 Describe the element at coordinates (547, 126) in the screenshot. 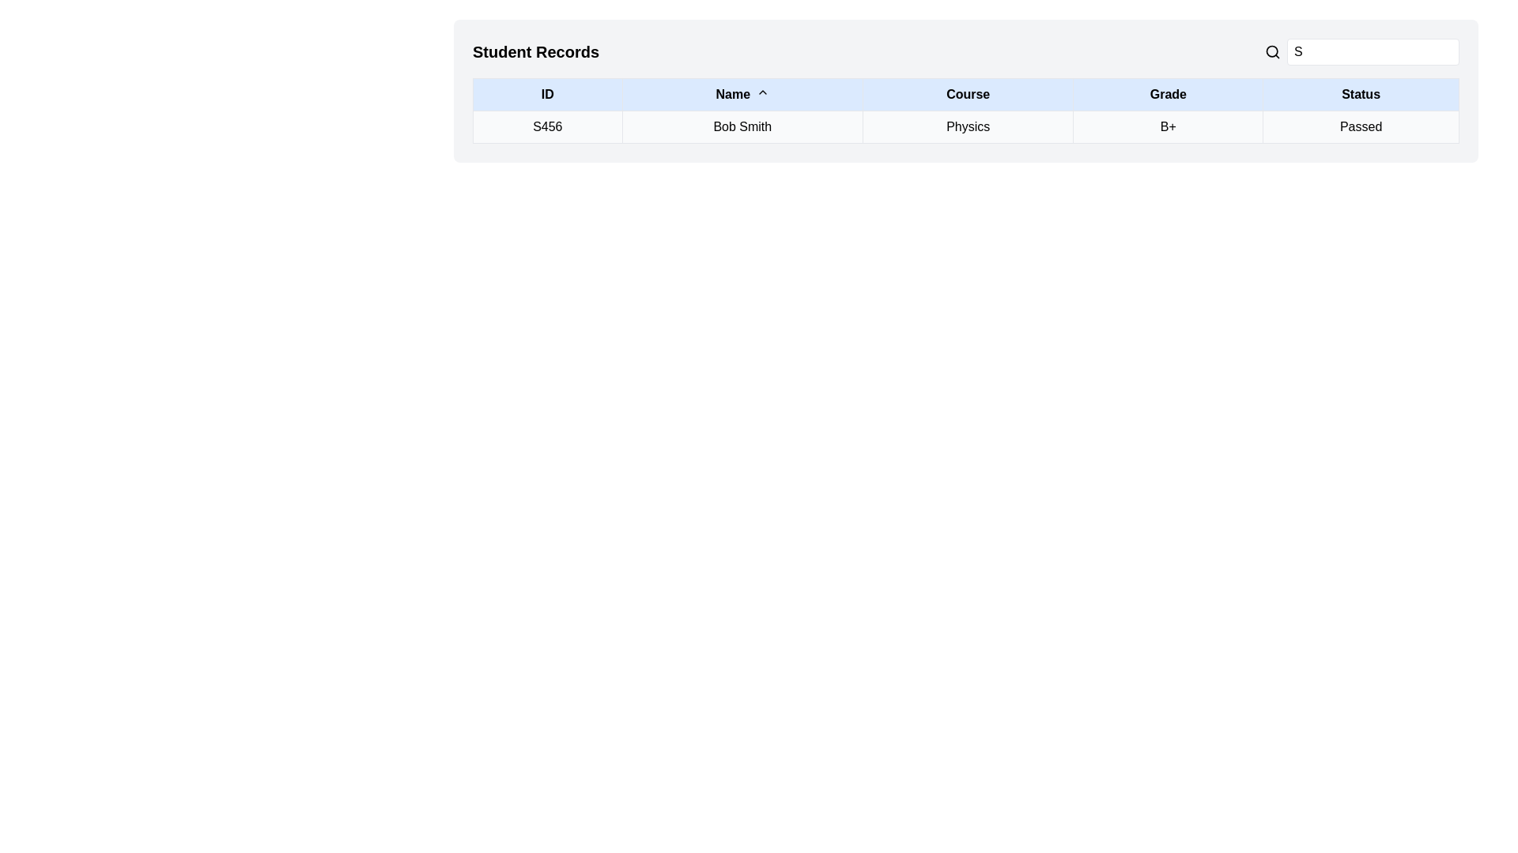

I see `the Table Cell containing the text 'S456', which is the first cell under the 'ID' column in the tabular structure` at that location.